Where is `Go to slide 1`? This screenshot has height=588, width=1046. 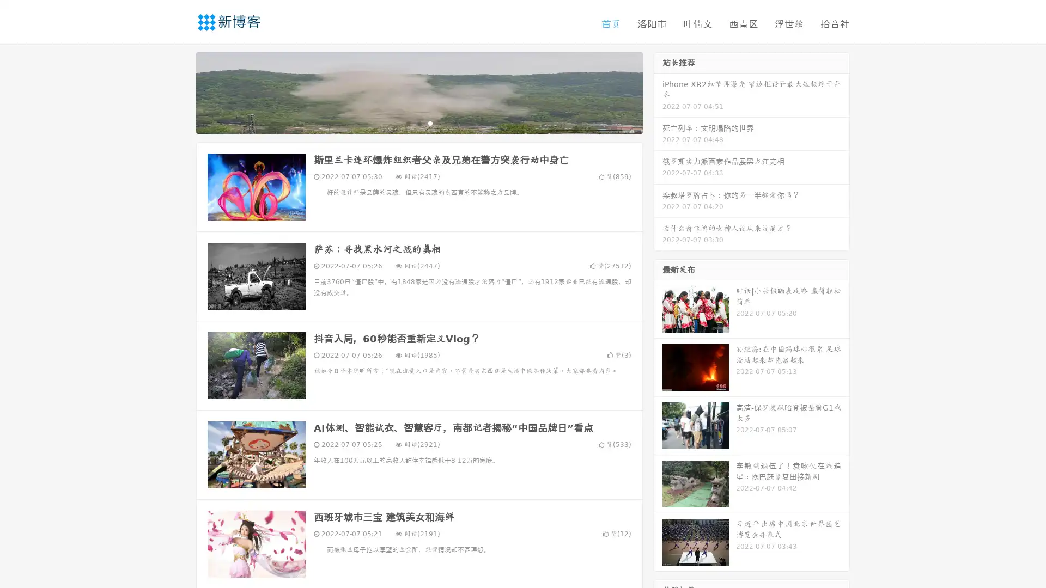
Go to slide 1 is located at coordinates (408, 122).